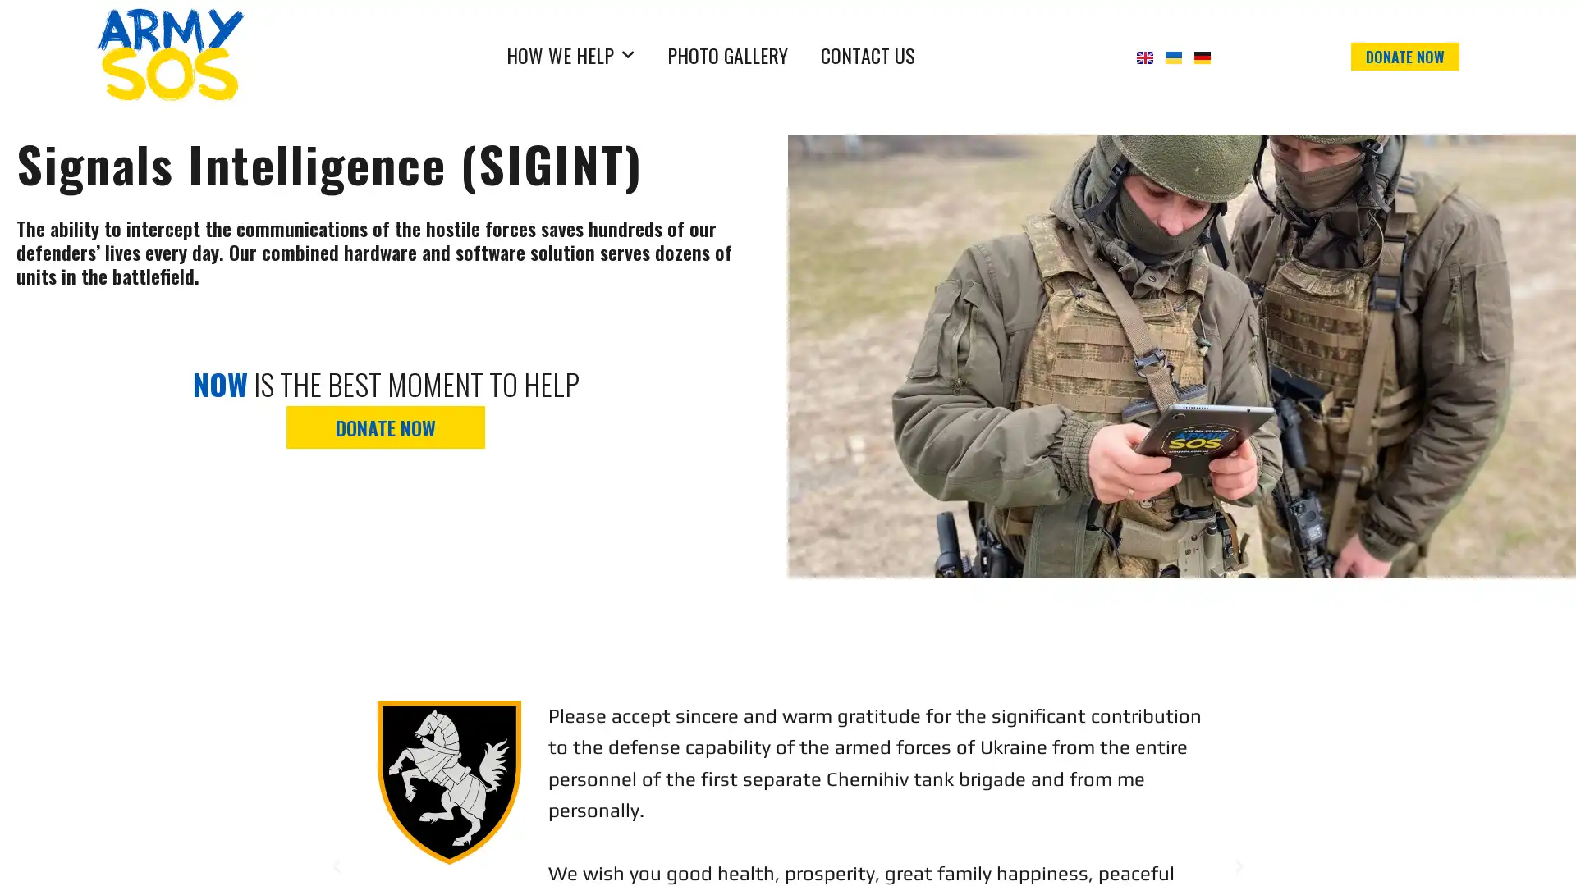 This screenshot has width=1576, height=886. I want to click on Previous slide, so click(335, 865).